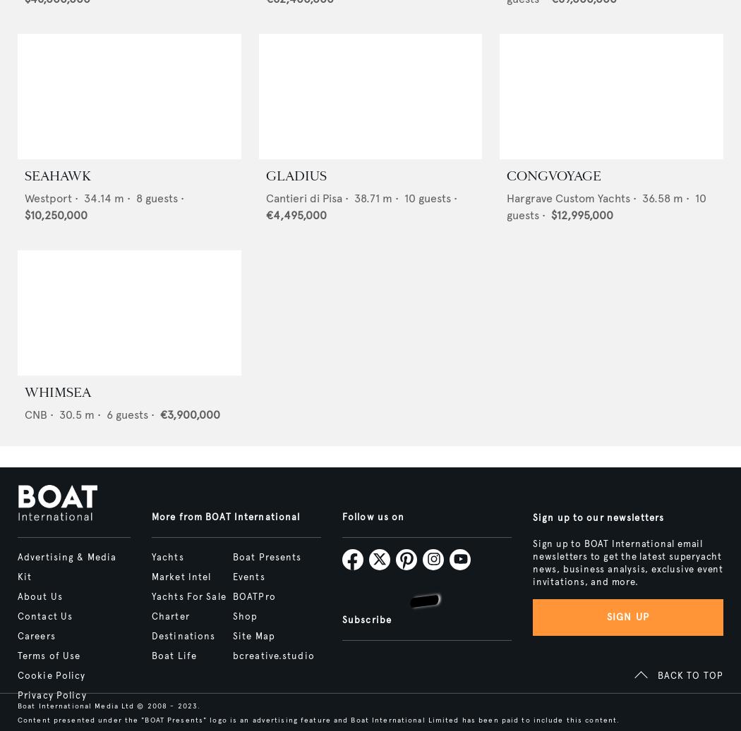 The width and height of the screenshot is (741, 731). What do you see at coordinates (35, 637) in the screenshot?
I see `'Careers'` at bounding box center [35, 637].